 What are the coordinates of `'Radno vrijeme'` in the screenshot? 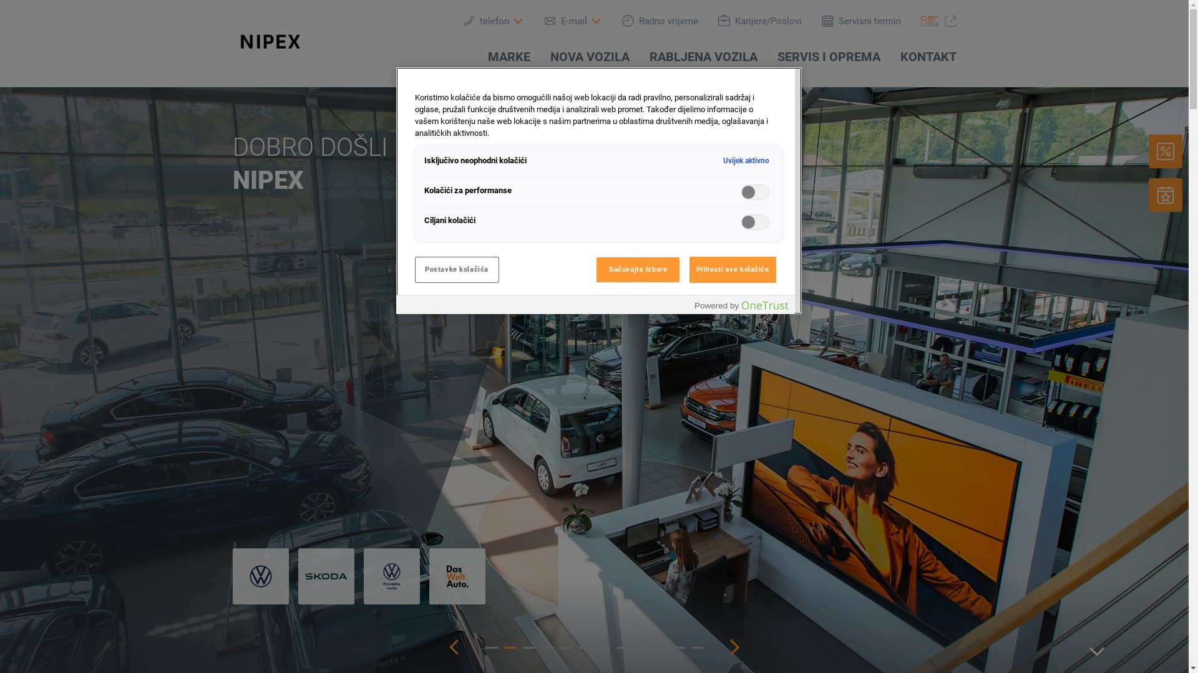 It's located at (658, 21).